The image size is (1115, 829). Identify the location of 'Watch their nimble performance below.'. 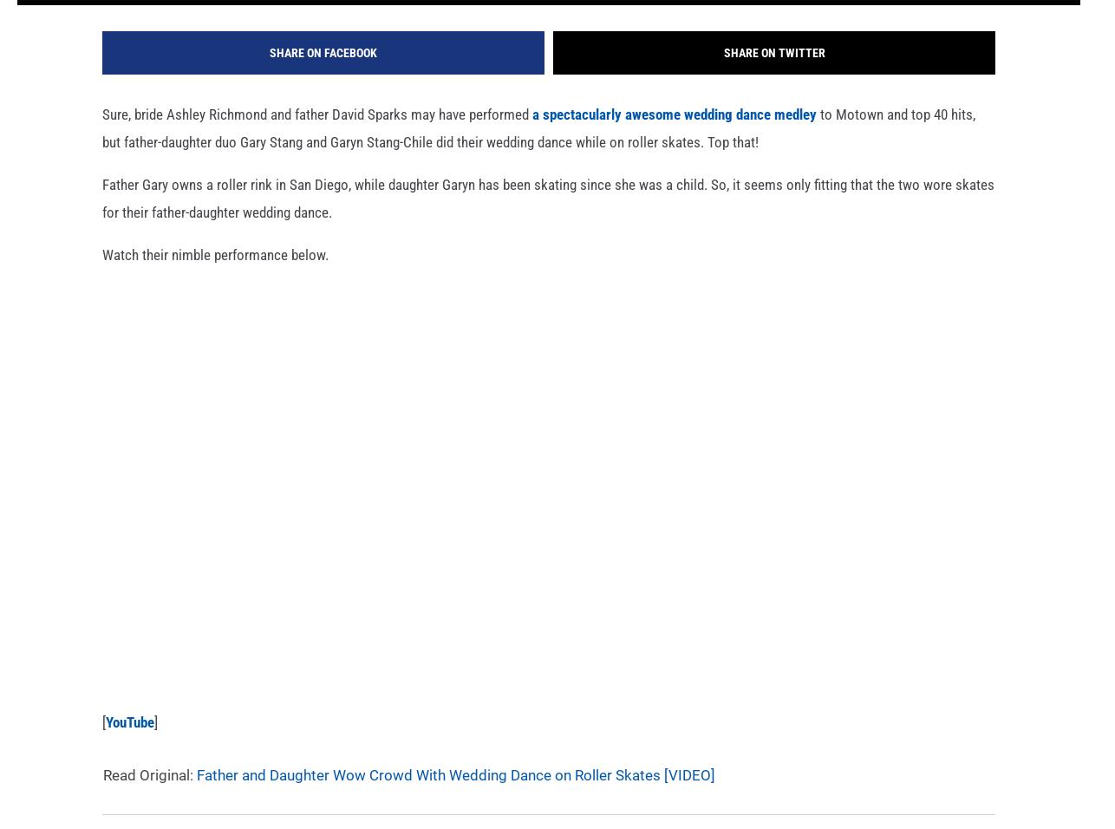
(102, 277).